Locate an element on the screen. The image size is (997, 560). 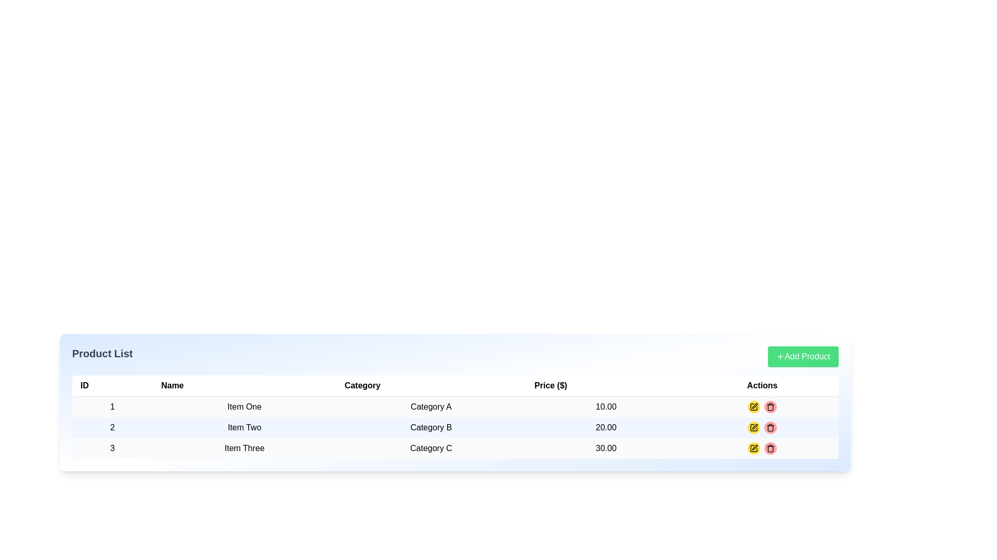
the second trash icon in the 'Actions' column of the 'Product List' section to initiate a delete action for 'Item Two' is located at coordinates (770, 428).